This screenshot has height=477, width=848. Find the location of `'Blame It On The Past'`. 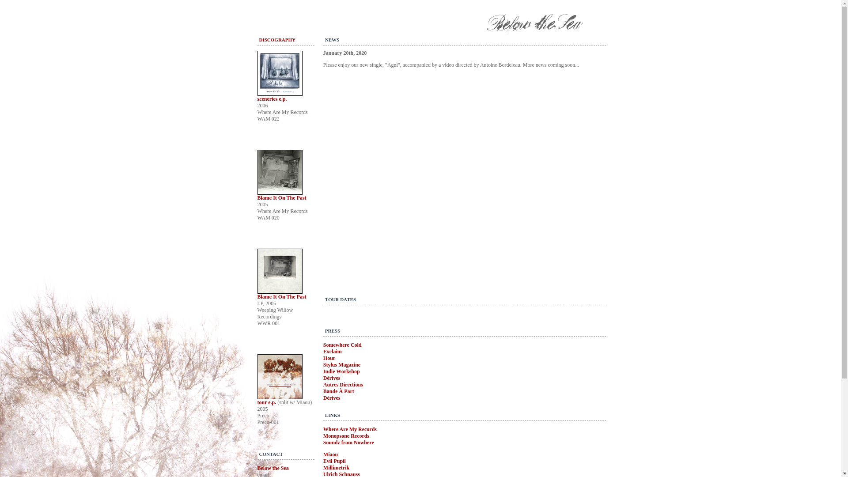

'Blame It On The Past' is located at coordinates (281, 296).